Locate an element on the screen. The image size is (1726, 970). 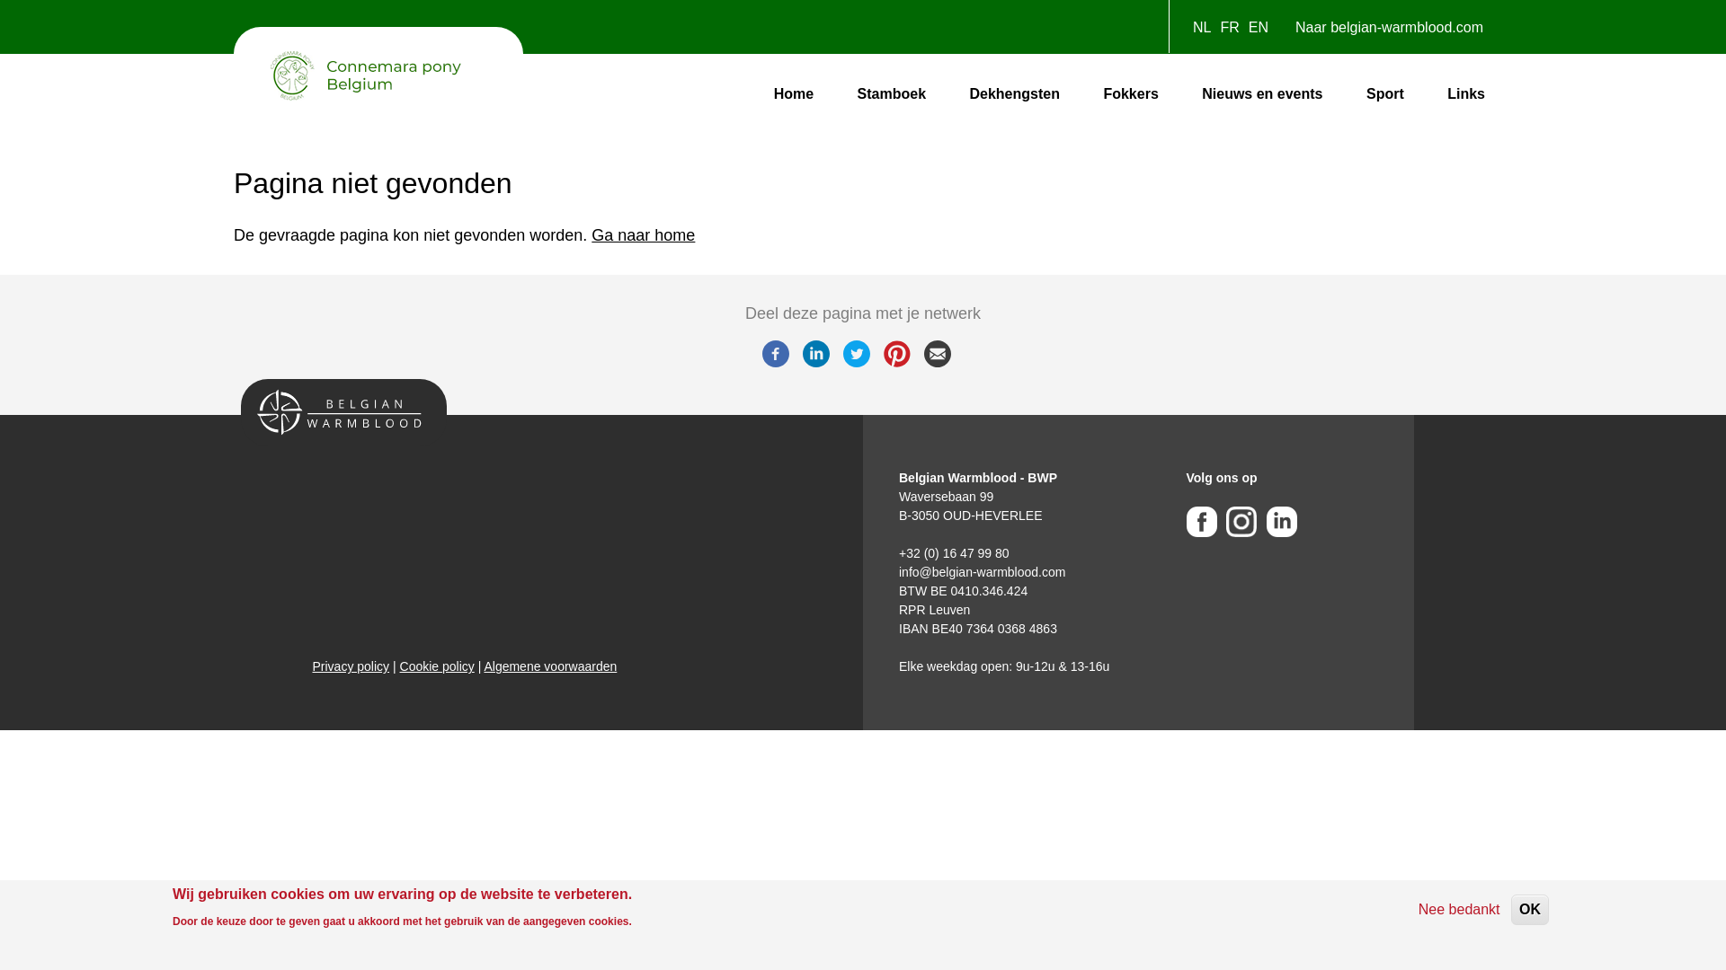
'Dekhengsten' is located at coordinates (1014, 93).